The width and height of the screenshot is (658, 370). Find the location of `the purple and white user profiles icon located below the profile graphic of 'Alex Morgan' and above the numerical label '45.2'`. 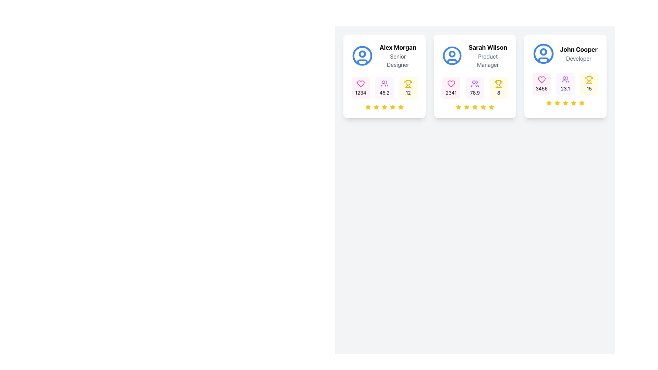

the purple and white user profiles icon located below the profile graphic of 'Alex Morgan' and above the numerical label '45.2' is located at coordinates (385, 84).